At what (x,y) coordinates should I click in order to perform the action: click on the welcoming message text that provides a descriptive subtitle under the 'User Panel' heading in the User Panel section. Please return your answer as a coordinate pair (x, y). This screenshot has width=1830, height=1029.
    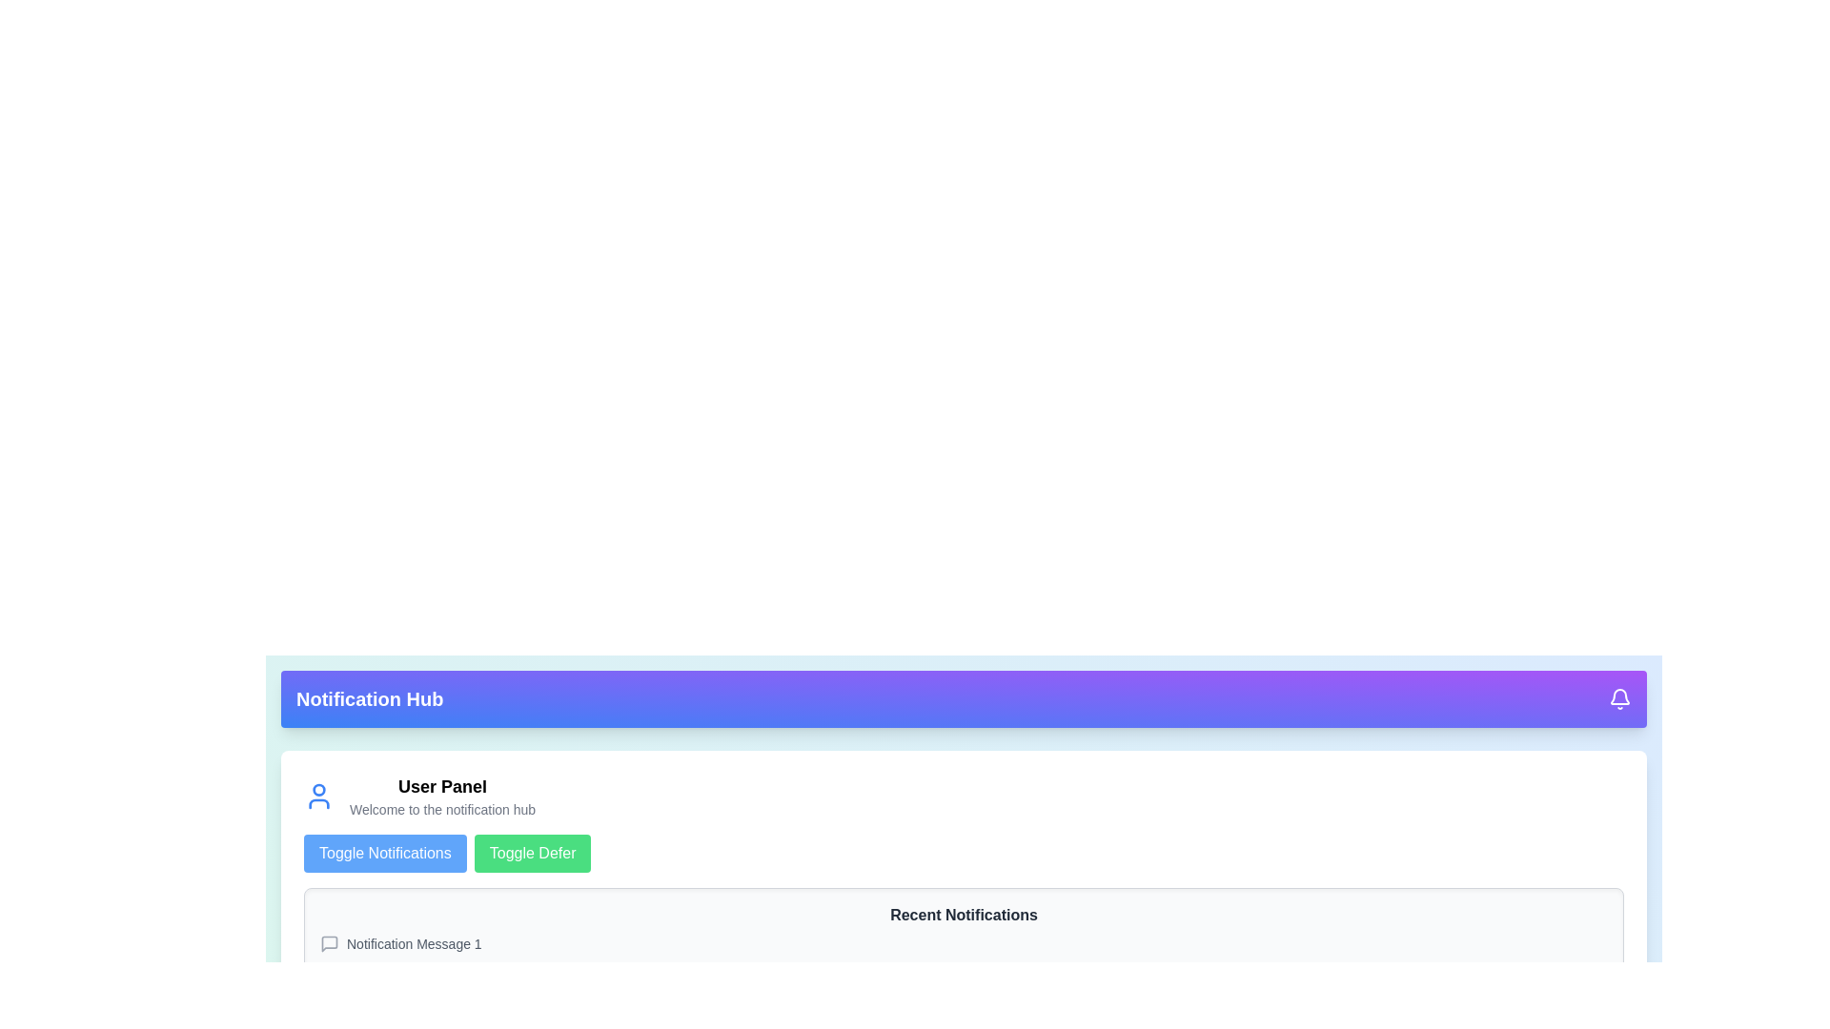
    Looking at the image, I should click on (441, 809).